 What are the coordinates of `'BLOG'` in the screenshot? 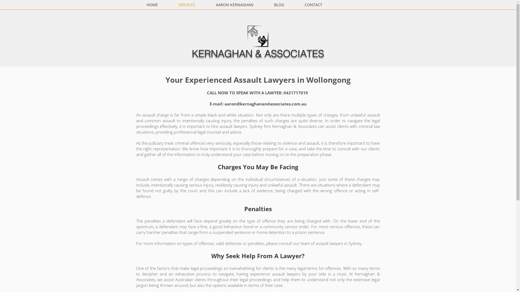 It's located at (279, 5).